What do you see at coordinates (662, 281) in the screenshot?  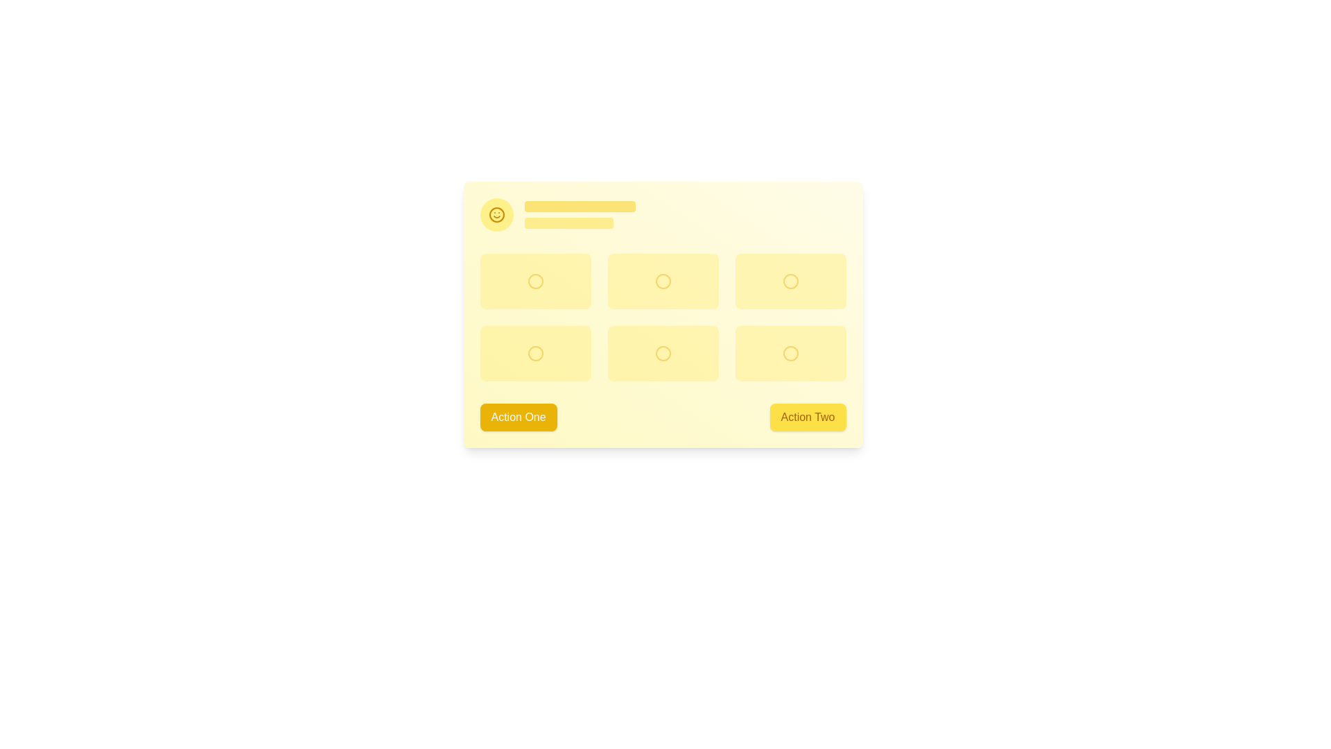 I see `the center circular button in the top row of a grid of six circular buttons represented by an SVG Circle Element` at bounding box center [662, 281].